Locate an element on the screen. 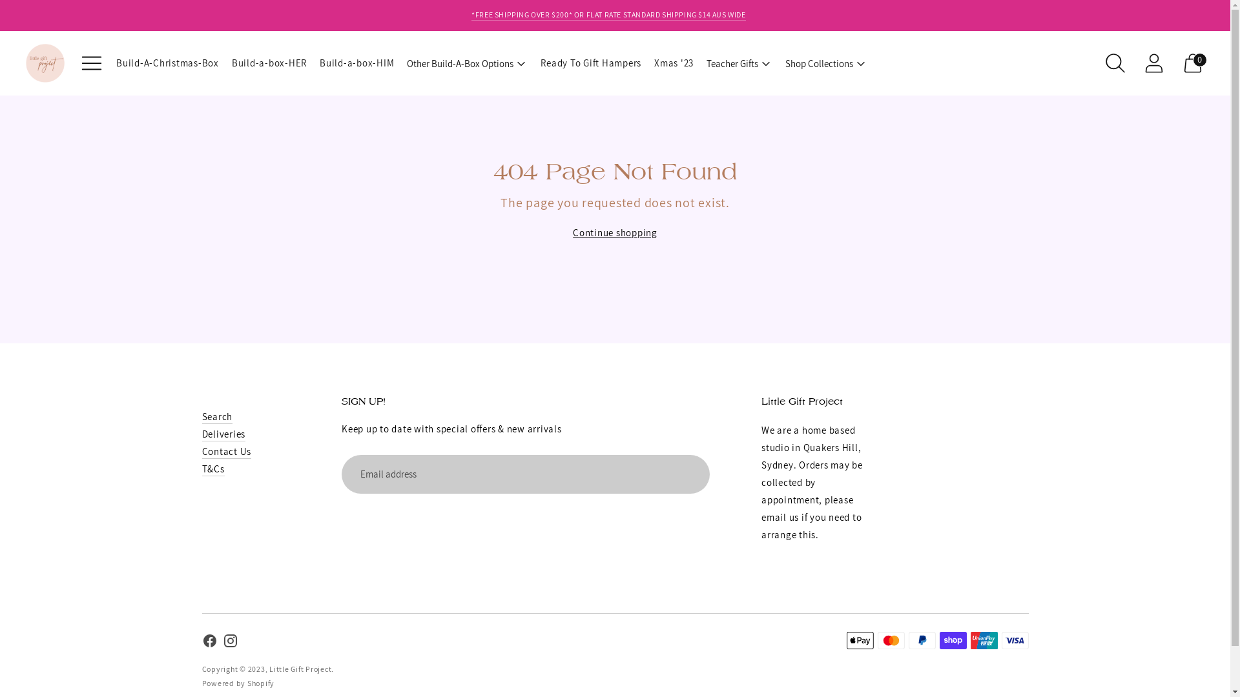  'Little Gift Project on Instagram' is located at coordinates (229, 642).